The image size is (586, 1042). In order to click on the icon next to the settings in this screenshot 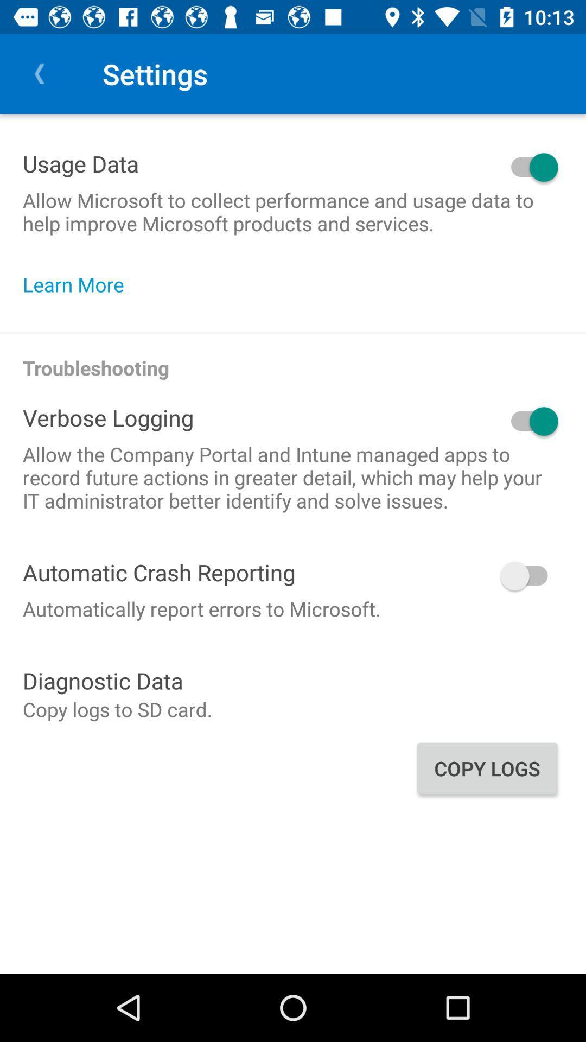, I will do `click(39, 73)`.